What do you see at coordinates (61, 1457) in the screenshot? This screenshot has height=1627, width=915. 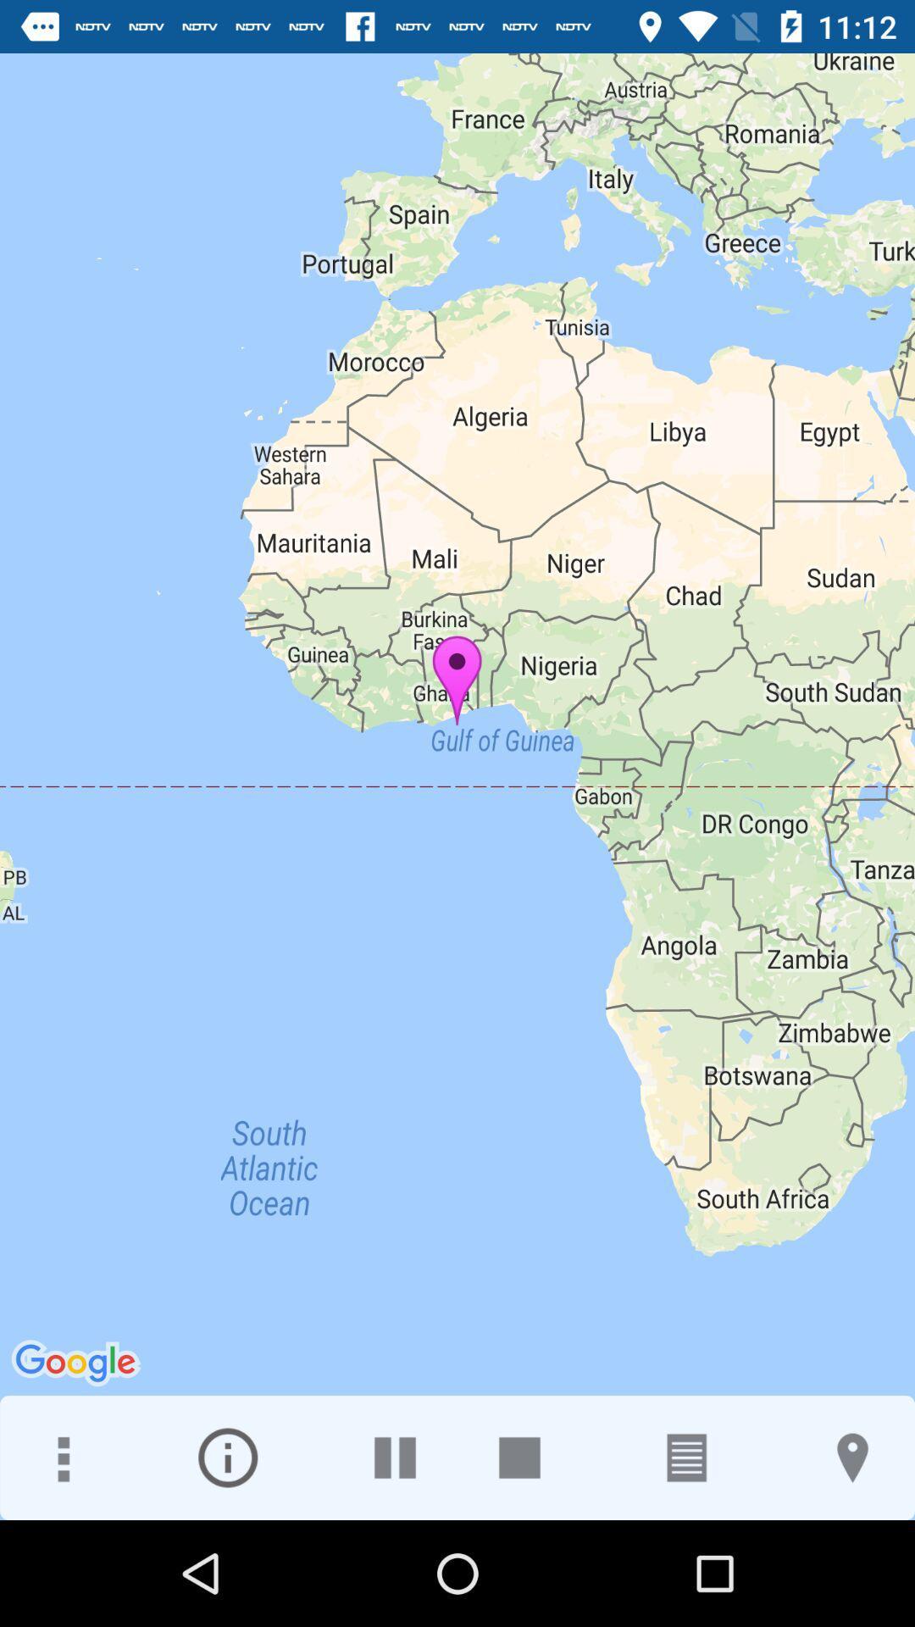 I see `the more icon` at bounding box center [61, 1457].